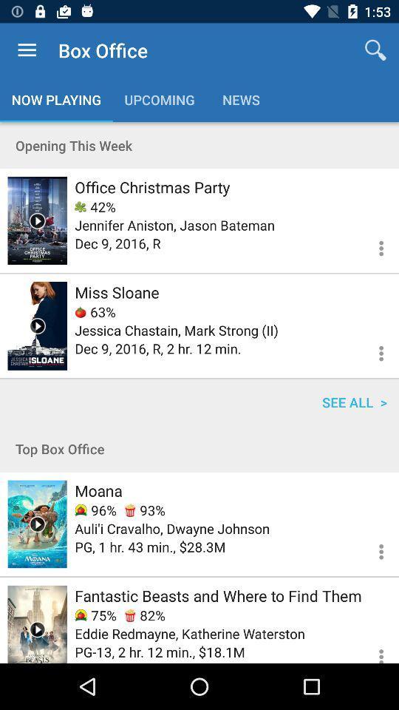  I want to click on room, so click(37, 623).